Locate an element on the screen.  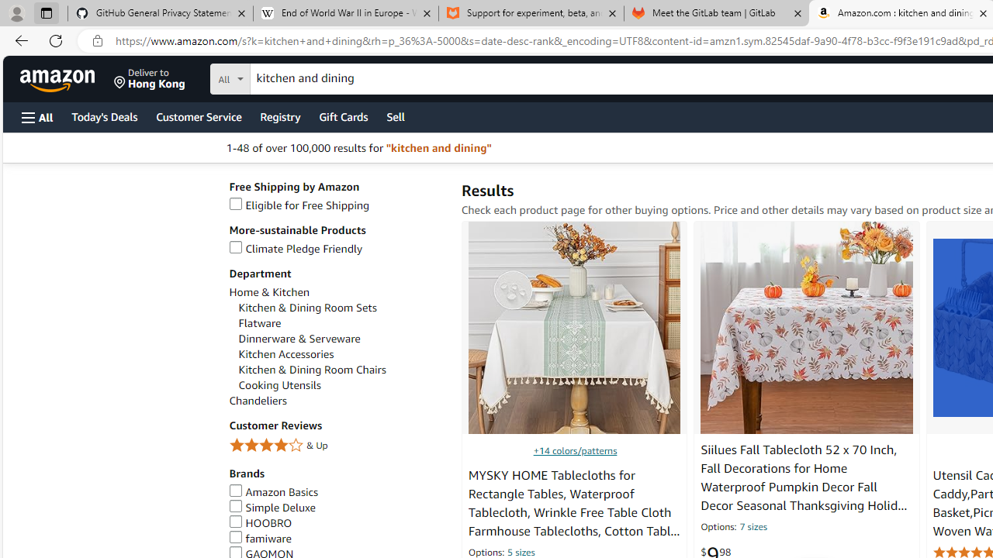
'Dinnerware & Serveware' is located at coordinates (341, 338).